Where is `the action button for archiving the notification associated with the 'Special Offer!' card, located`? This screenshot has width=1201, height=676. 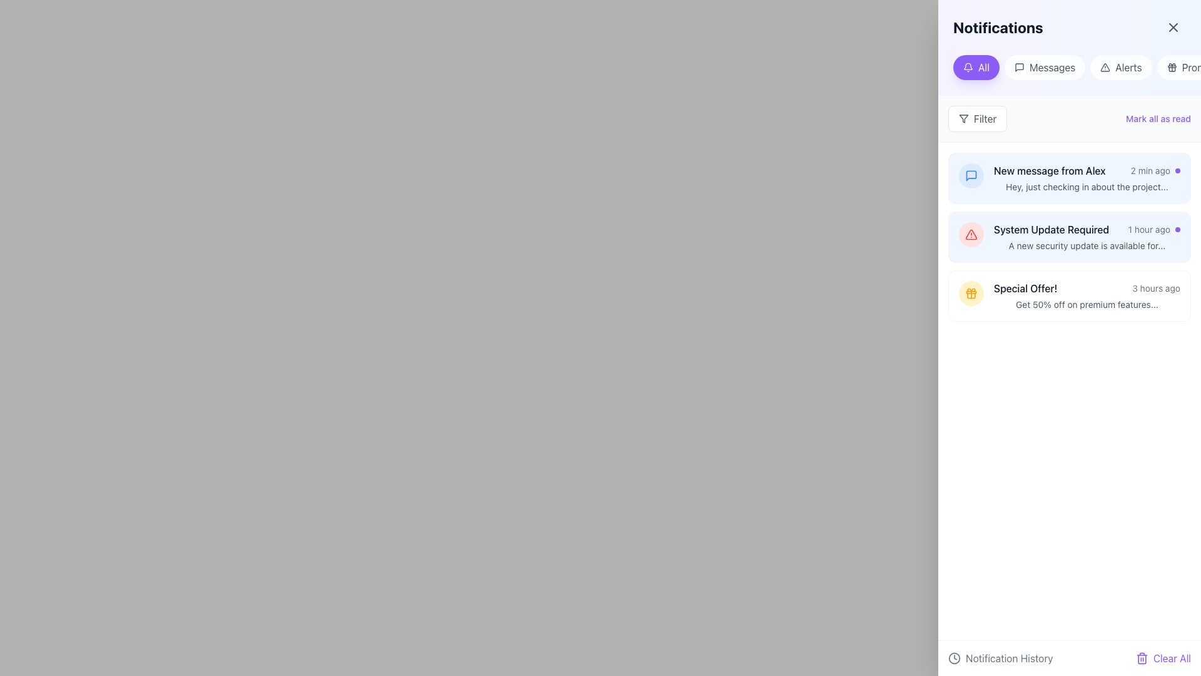
the action button for archiving the notification associated with the 'Special Offer!' card, located is located at coordinates (1120, 296).